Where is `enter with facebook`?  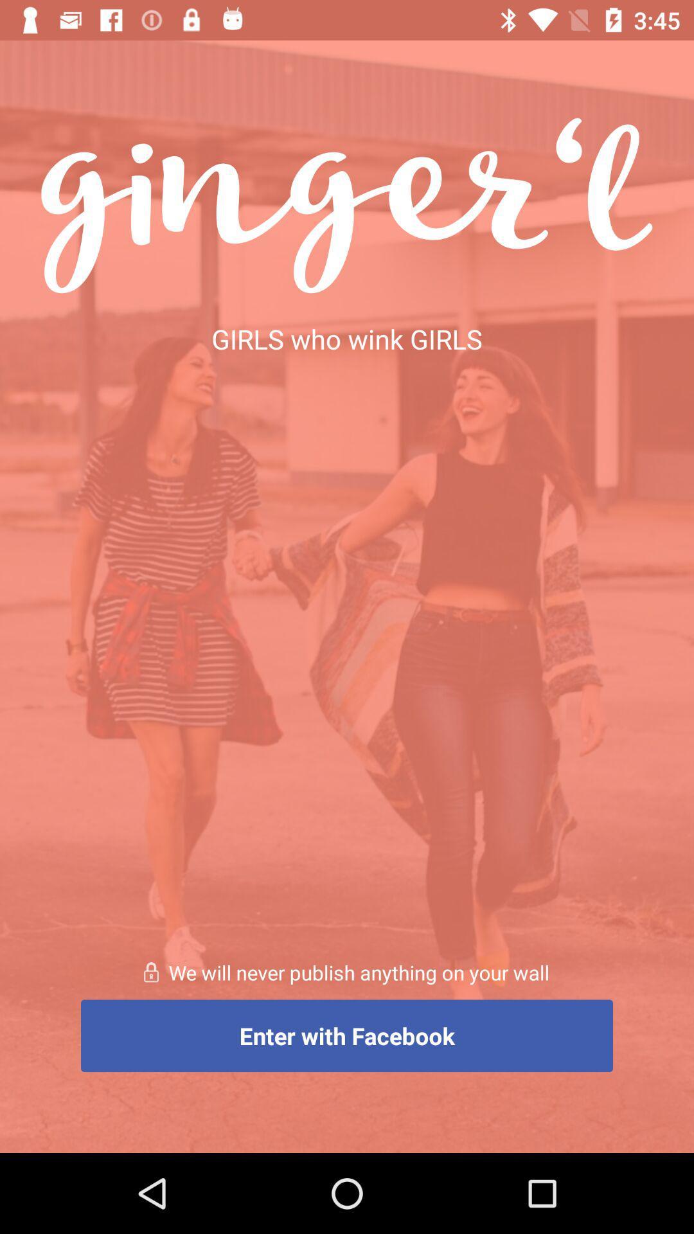
enter with facebook is located at coordinates (347, 1035).